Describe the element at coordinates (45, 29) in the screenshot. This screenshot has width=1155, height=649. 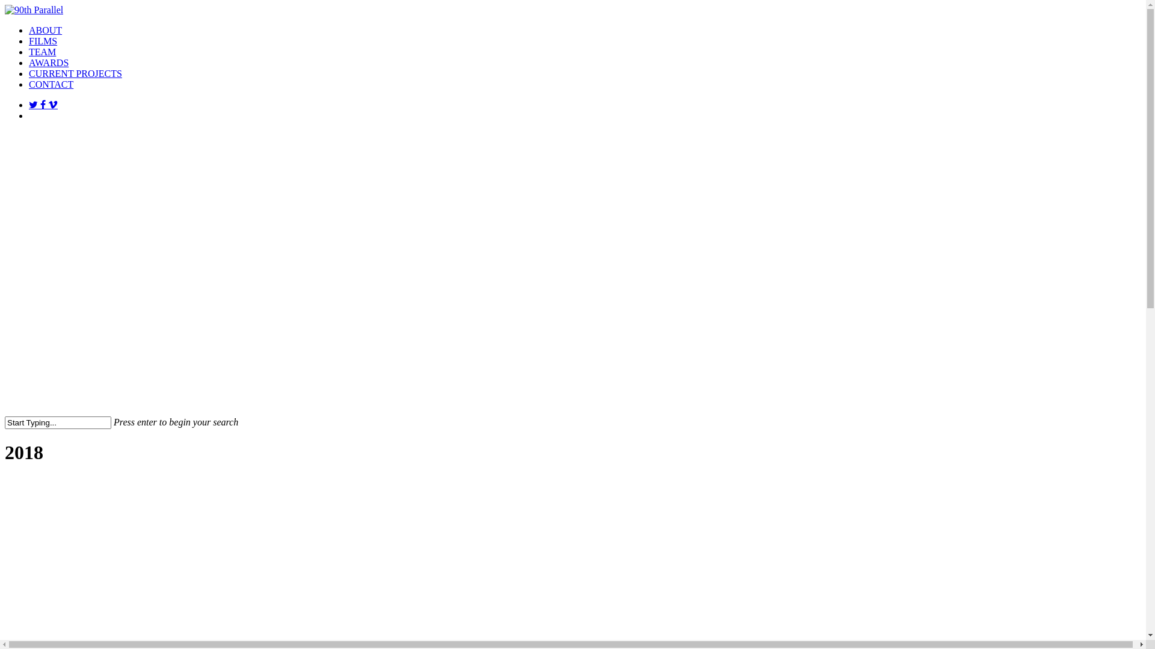
I see `'ABOUT'` at that location.